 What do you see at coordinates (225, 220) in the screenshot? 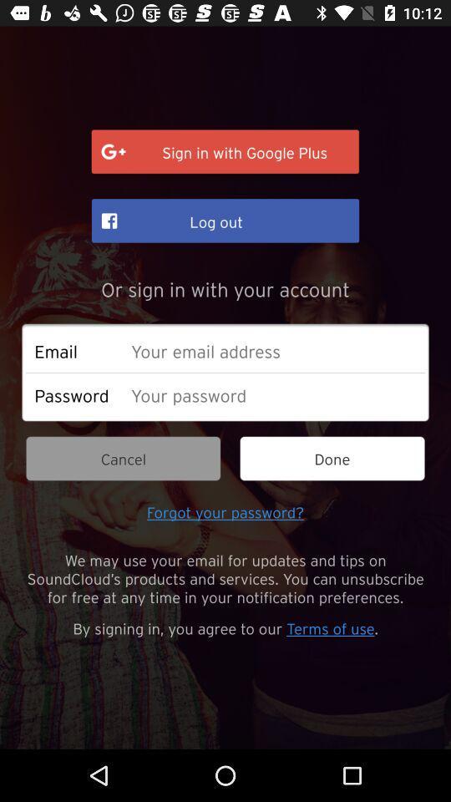
I see `item below sign in with item` at bounding box center [225, 220].